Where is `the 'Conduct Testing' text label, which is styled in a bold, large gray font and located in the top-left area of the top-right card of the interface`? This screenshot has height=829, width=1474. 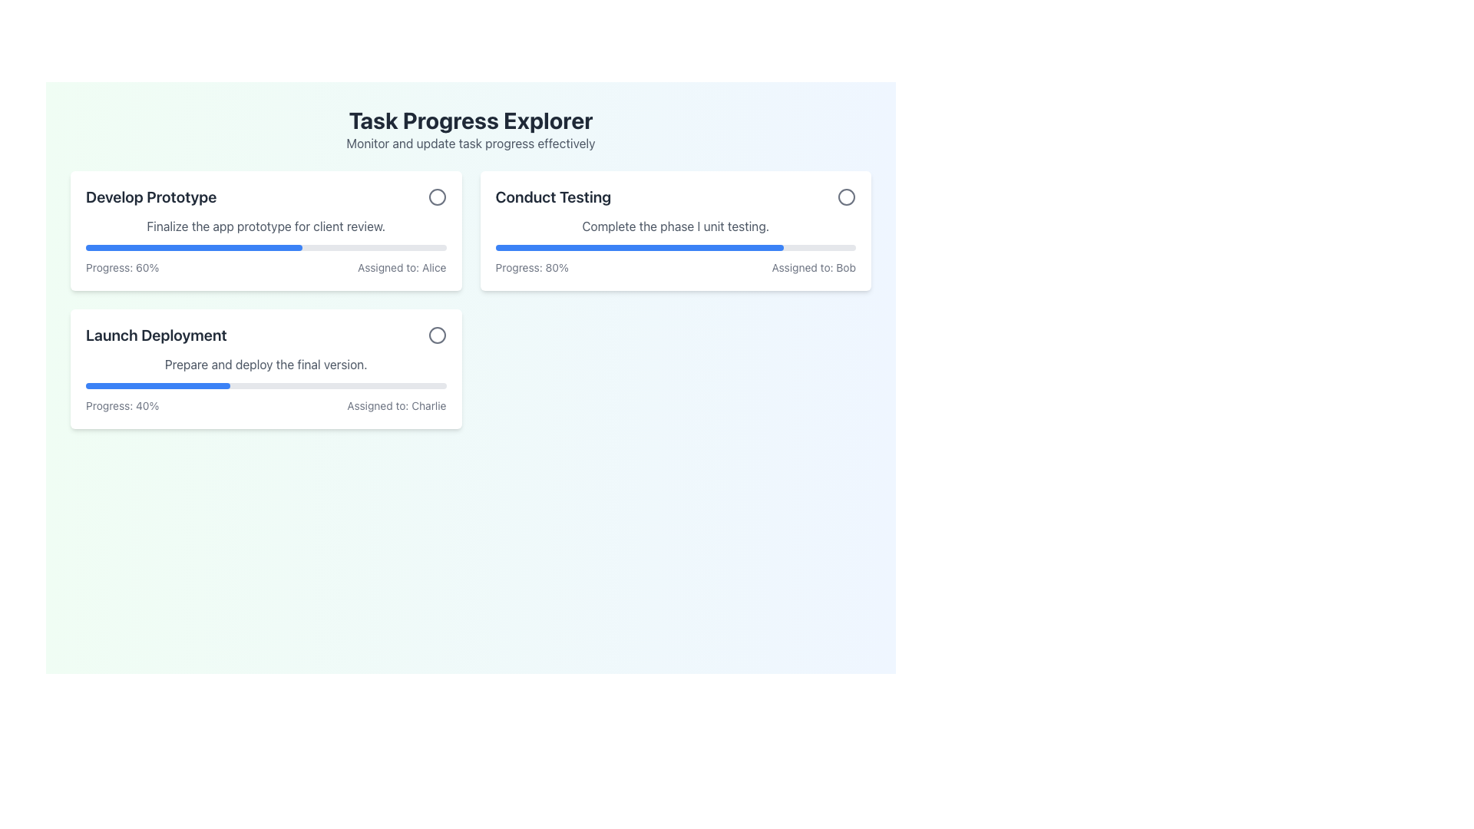 the 'Conduct Testing' text label, which is styled in a bold, large gray font and located in the top-left area of the top-right card of the interface is located at coordinates (553, 197).